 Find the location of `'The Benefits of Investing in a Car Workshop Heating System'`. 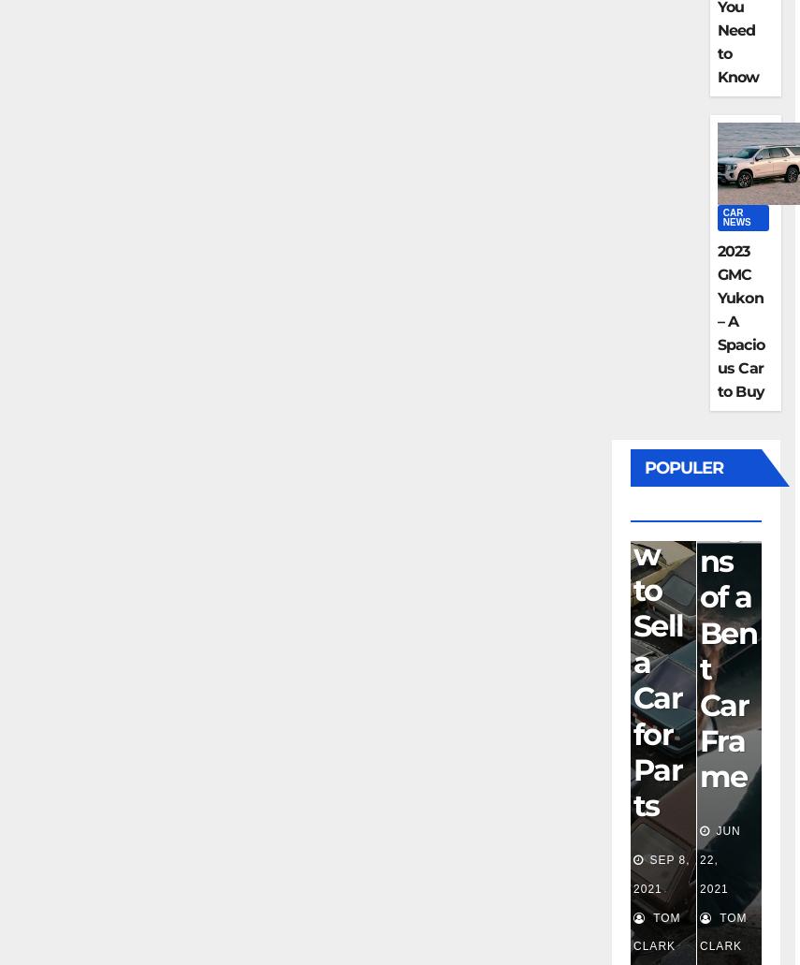

'The Benefits of Investing in a Car Workshop Heating System' is located at coordinates (700, 505).